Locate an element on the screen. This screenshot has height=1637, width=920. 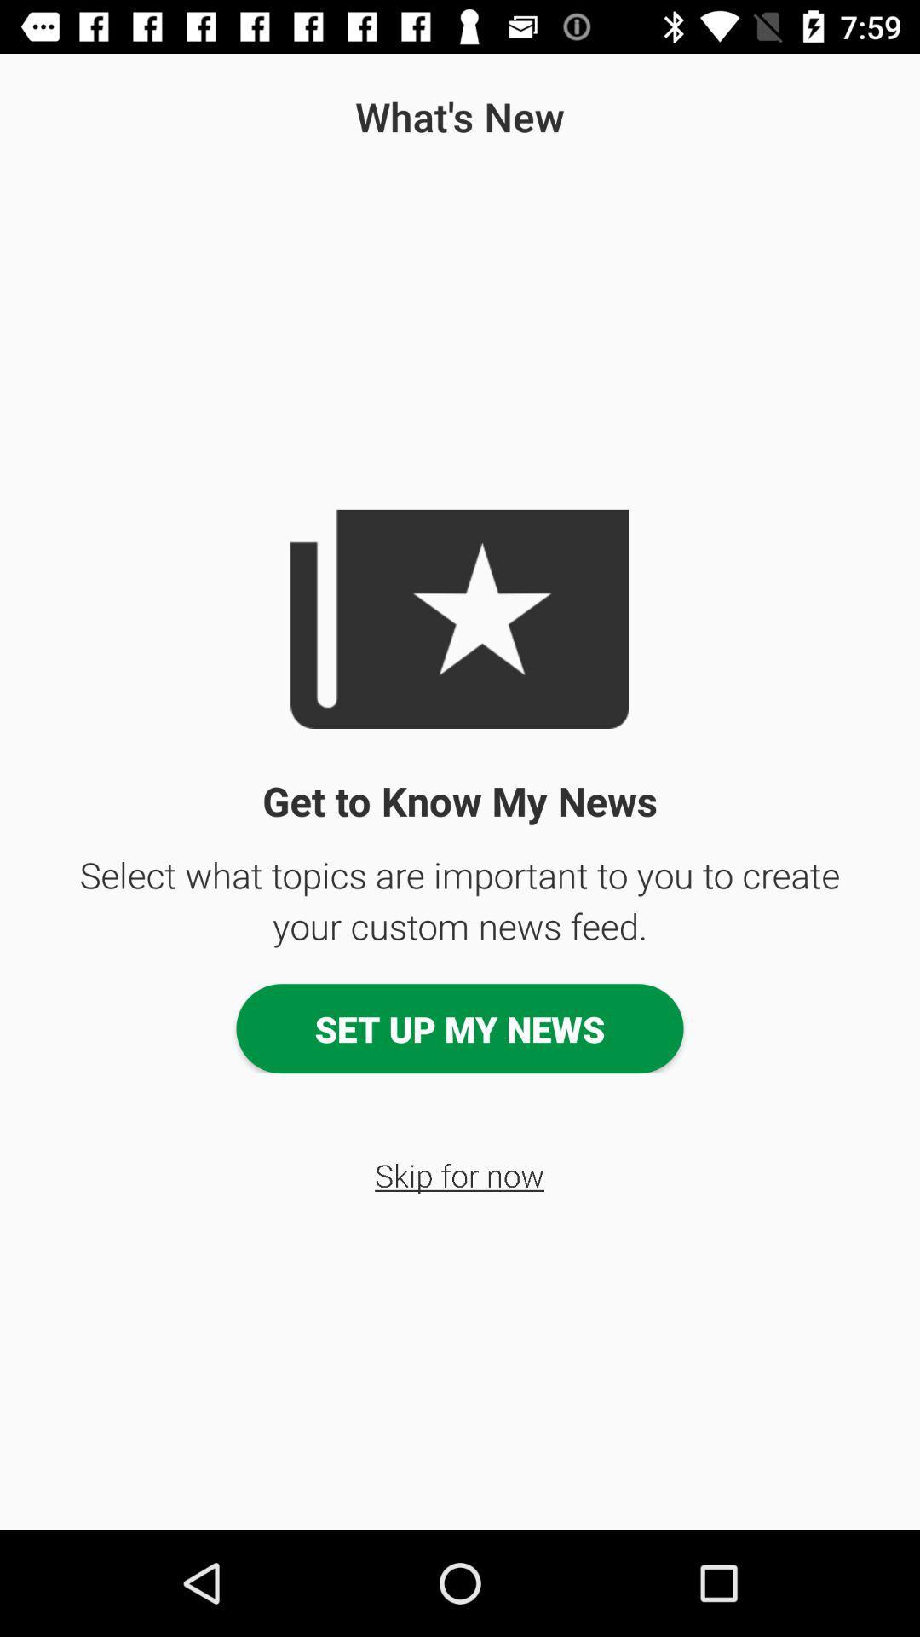
app above the skip for now is located at coordinates (460, 1027).